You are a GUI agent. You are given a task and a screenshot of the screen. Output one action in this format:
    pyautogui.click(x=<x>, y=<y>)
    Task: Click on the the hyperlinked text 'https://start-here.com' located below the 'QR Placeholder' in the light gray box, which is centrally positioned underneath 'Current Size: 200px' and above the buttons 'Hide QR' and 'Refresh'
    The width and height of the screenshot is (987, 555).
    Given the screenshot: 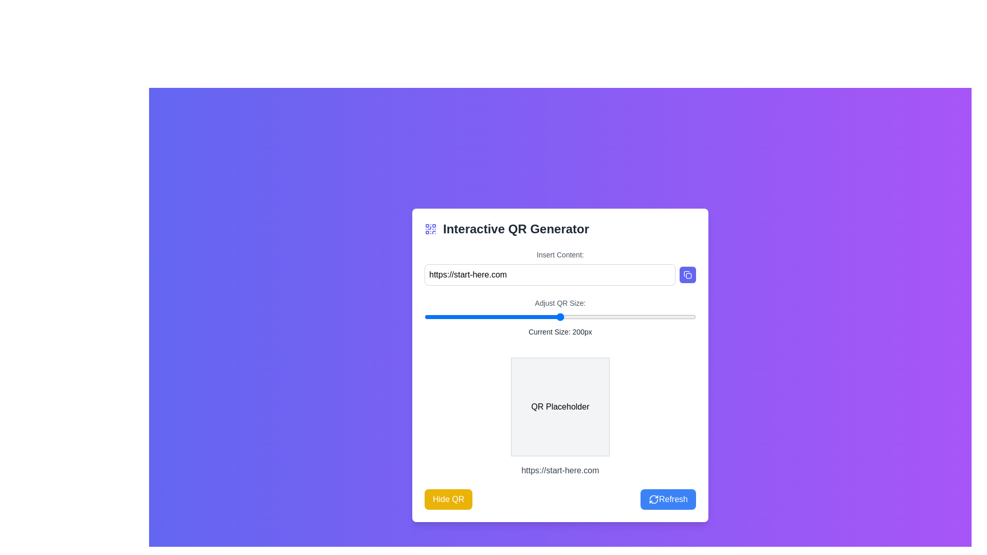 What is the action you would take?
    pyautogui.click(x=559, y=412)
    